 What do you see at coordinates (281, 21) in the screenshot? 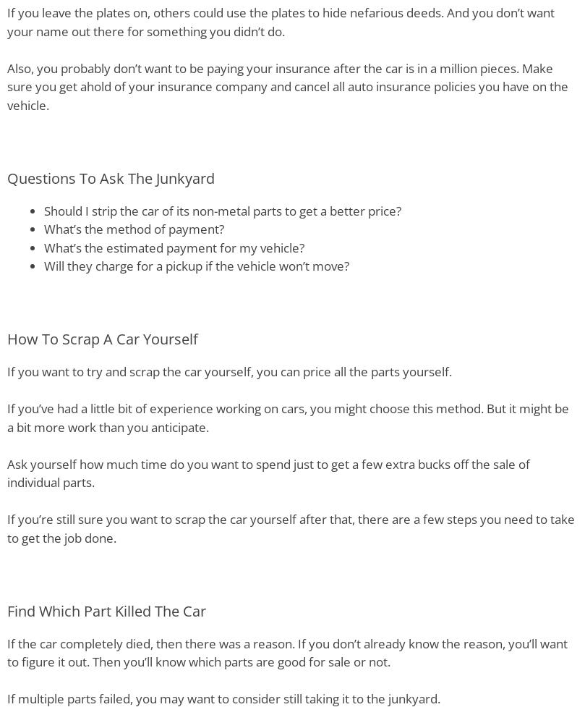
I see `'If you leave the plates on, others could use the plates to hide nefarious deeds. And you don’t want your name out there for something you didn’t do.'` at bounding box center [281, 21].